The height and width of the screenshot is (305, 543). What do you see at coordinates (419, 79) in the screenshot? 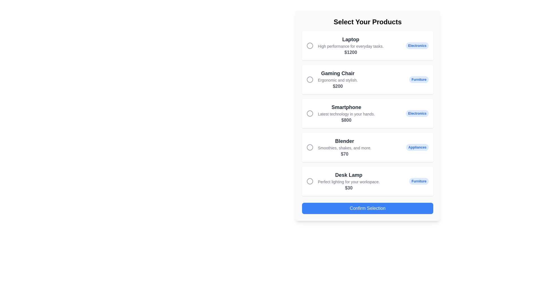
I see `the category label for 'Gaming Chair' located to the right of the price '$200' within the 'Select Your Products' section to associate the label with its attached product` at bounding box center [419, 79].